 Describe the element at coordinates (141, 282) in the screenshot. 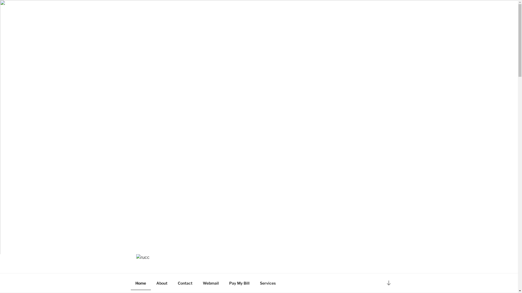

I see `'Home'` at that location.